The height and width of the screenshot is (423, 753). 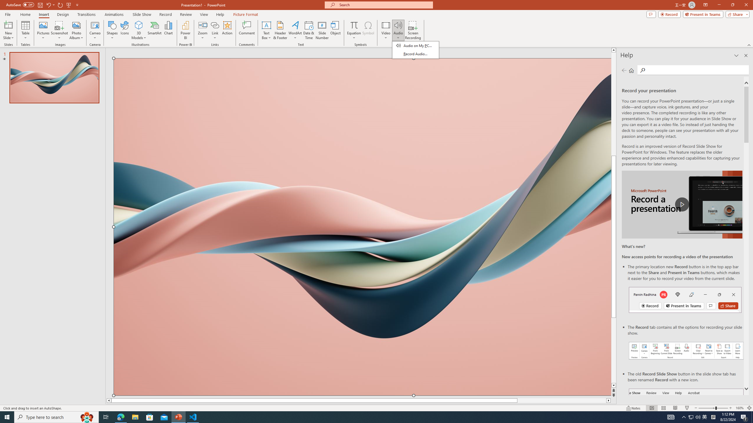 I want to click on 'Object...', so click(x=336, y=30).